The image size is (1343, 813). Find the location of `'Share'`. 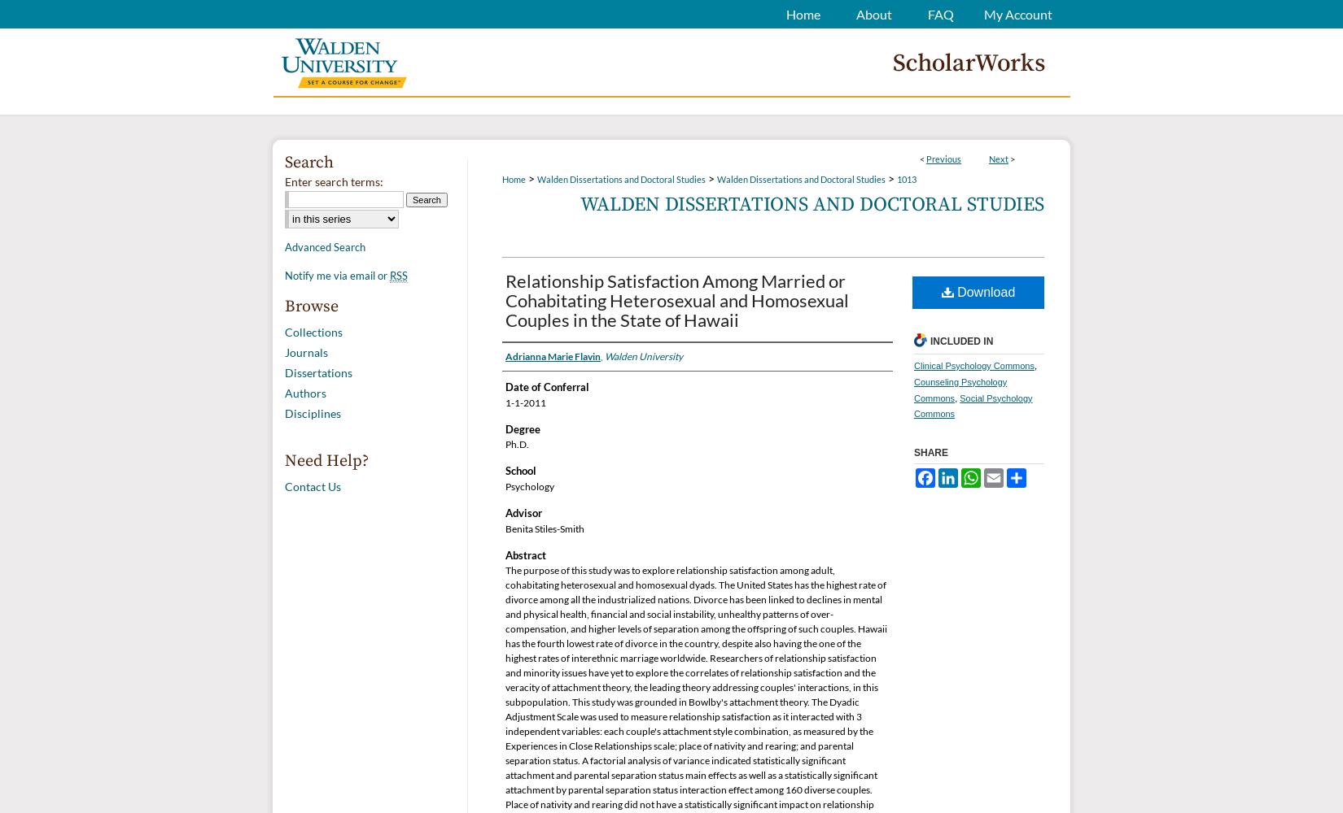

'Share' is located at coordinates (930, 453).